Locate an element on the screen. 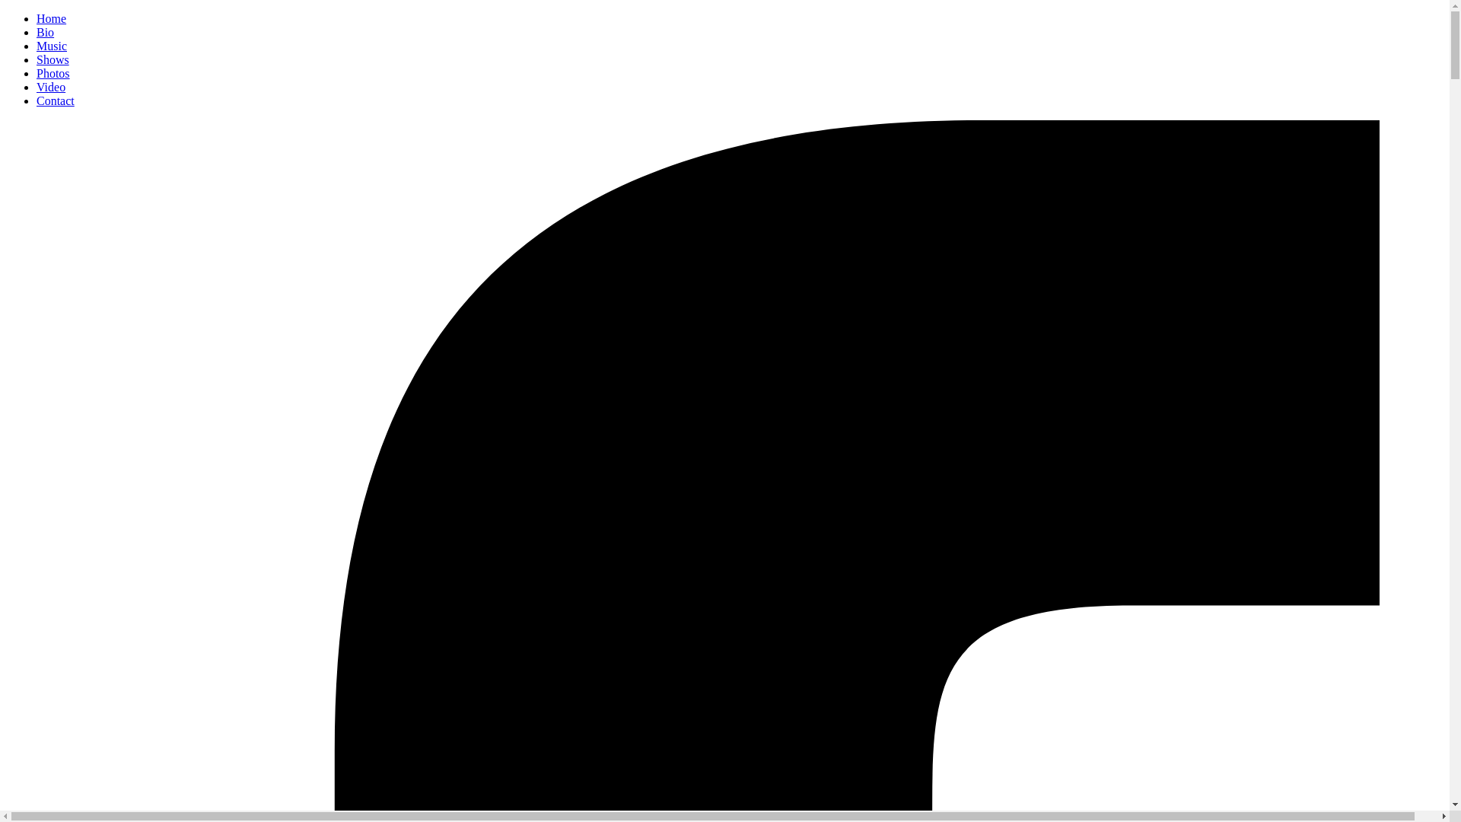 The image size is (1461, 822). 'Bio' is located at coordinates (45, 32).